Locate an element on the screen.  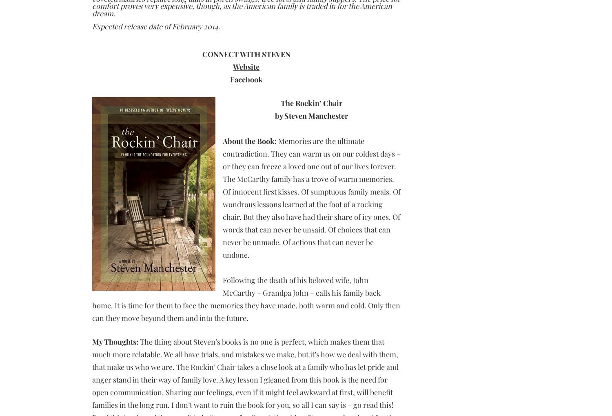
'Expected release date of February 2014.' is located at coordinates (156, 26).